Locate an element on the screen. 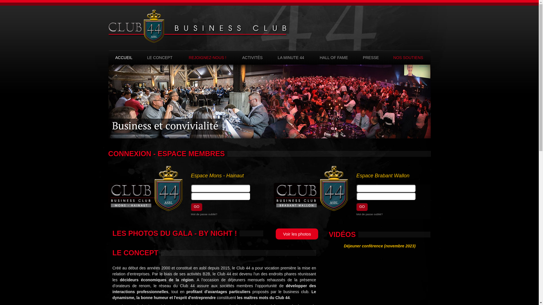 The height and width of the screenshot is (305, 543). 'LA MINUTE 44' is located at coordinates (290, 58).